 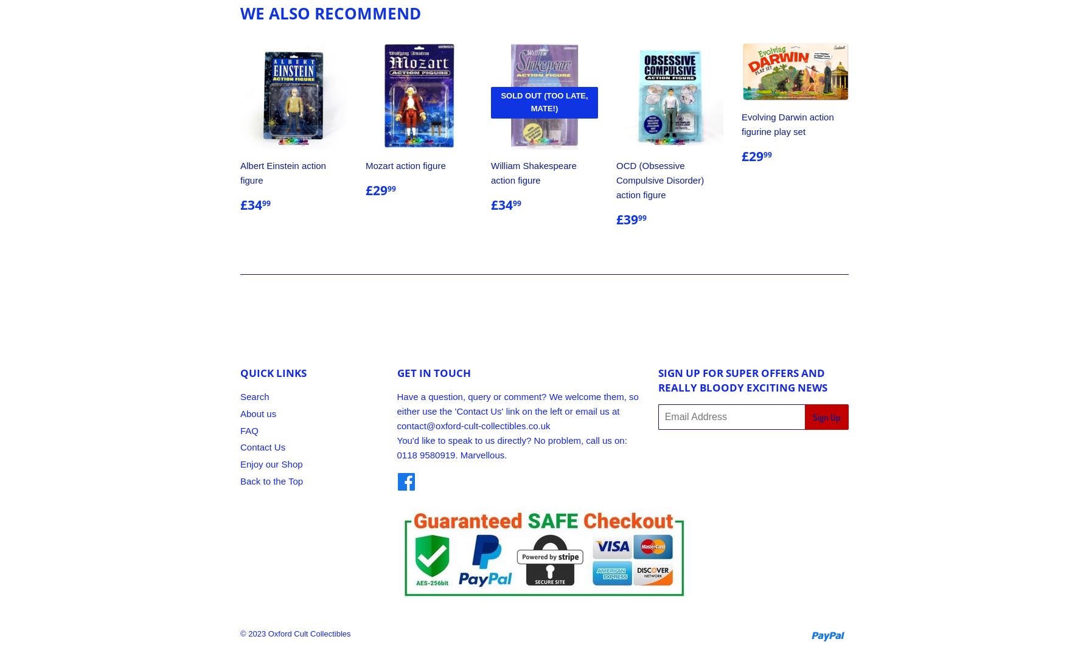 What do you see at coordinates (741, 123) in the screenshot?
I see `'Evolving Darwin action figurine play set'` at bounding box center [741, 123].